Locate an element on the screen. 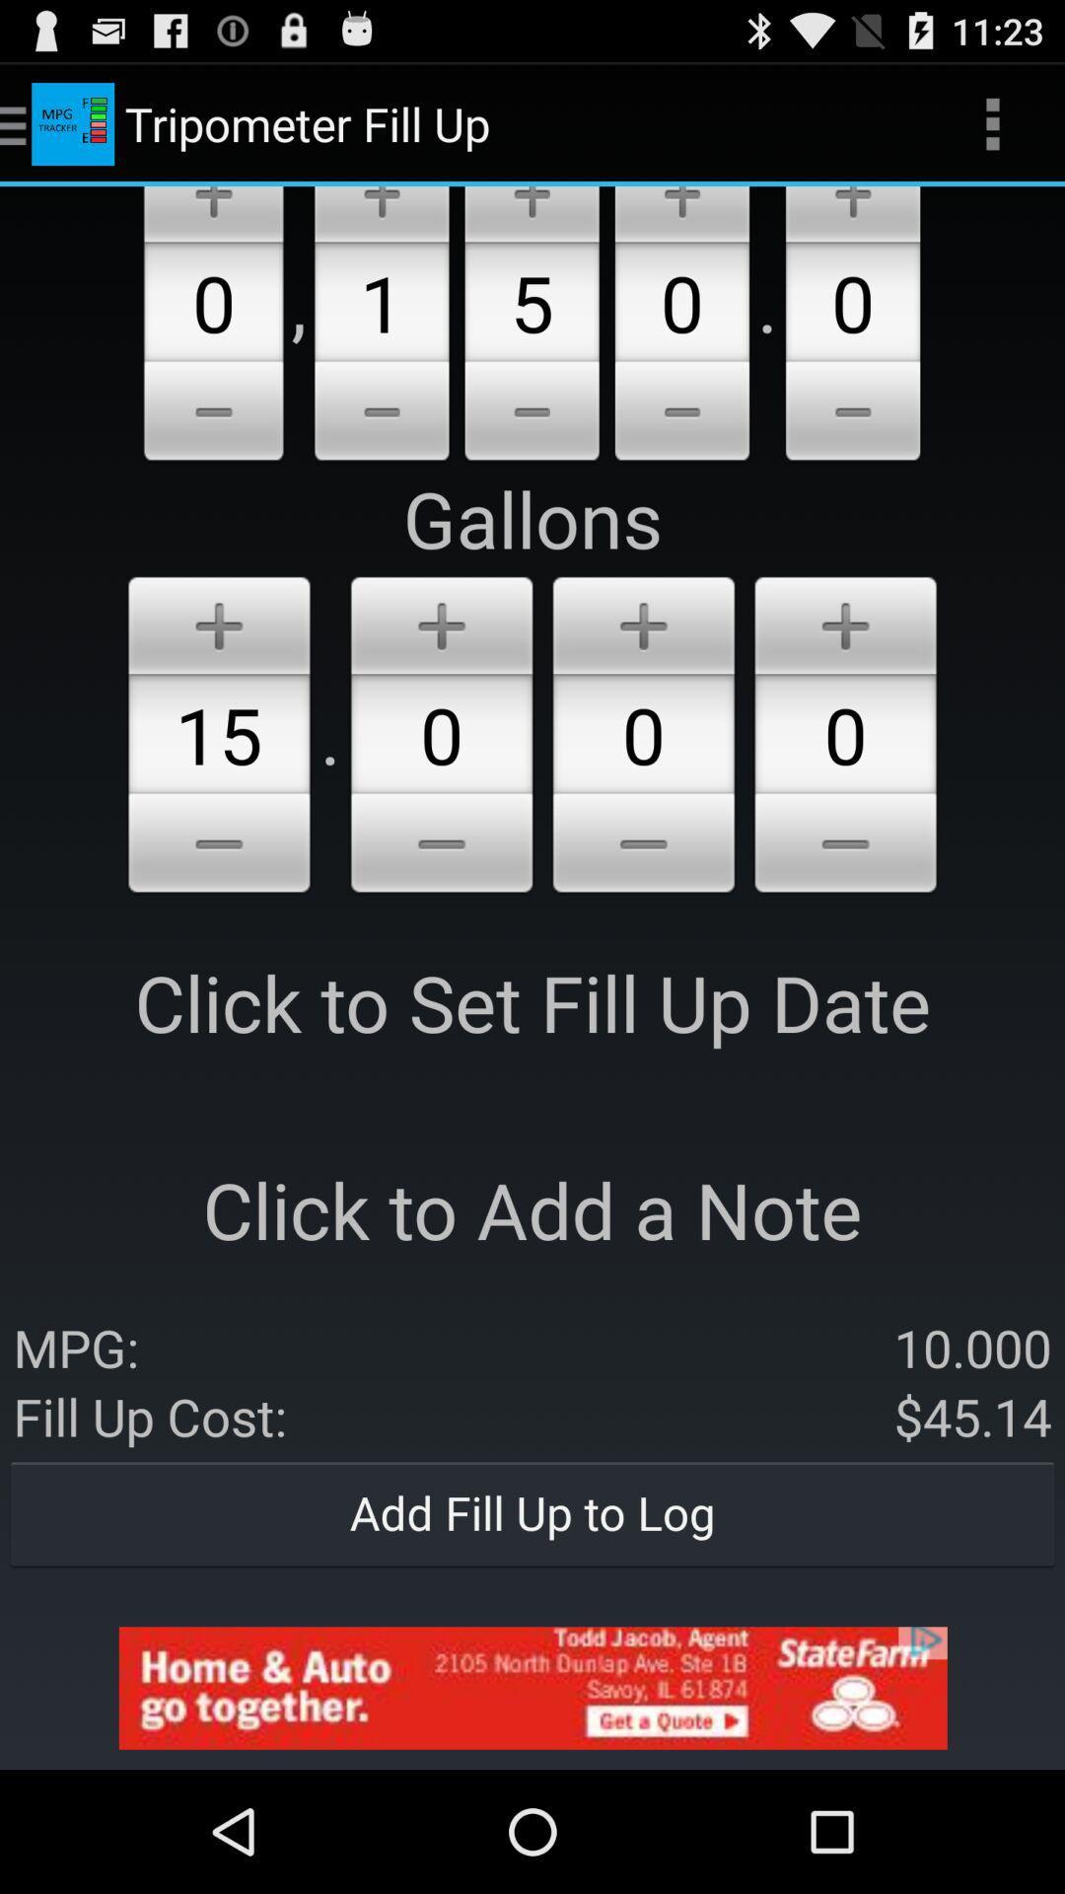 This screenshot has width=1065, height=1894. minus the value is located at coordinates (531, 413).